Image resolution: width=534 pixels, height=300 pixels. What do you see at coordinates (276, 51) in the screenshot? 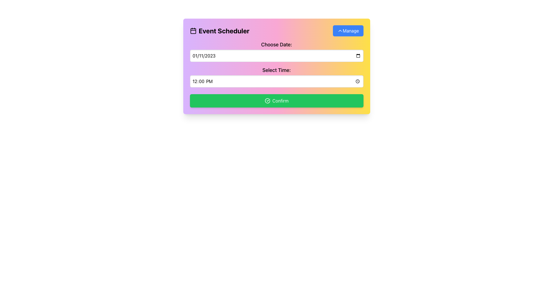
I see `the calendar icon of the Date Picker Input, which is part of the 'Choose Date: Select Time:' component and includes an input field with a rectangular border and rounded corners` at bounding box center [276, 51].